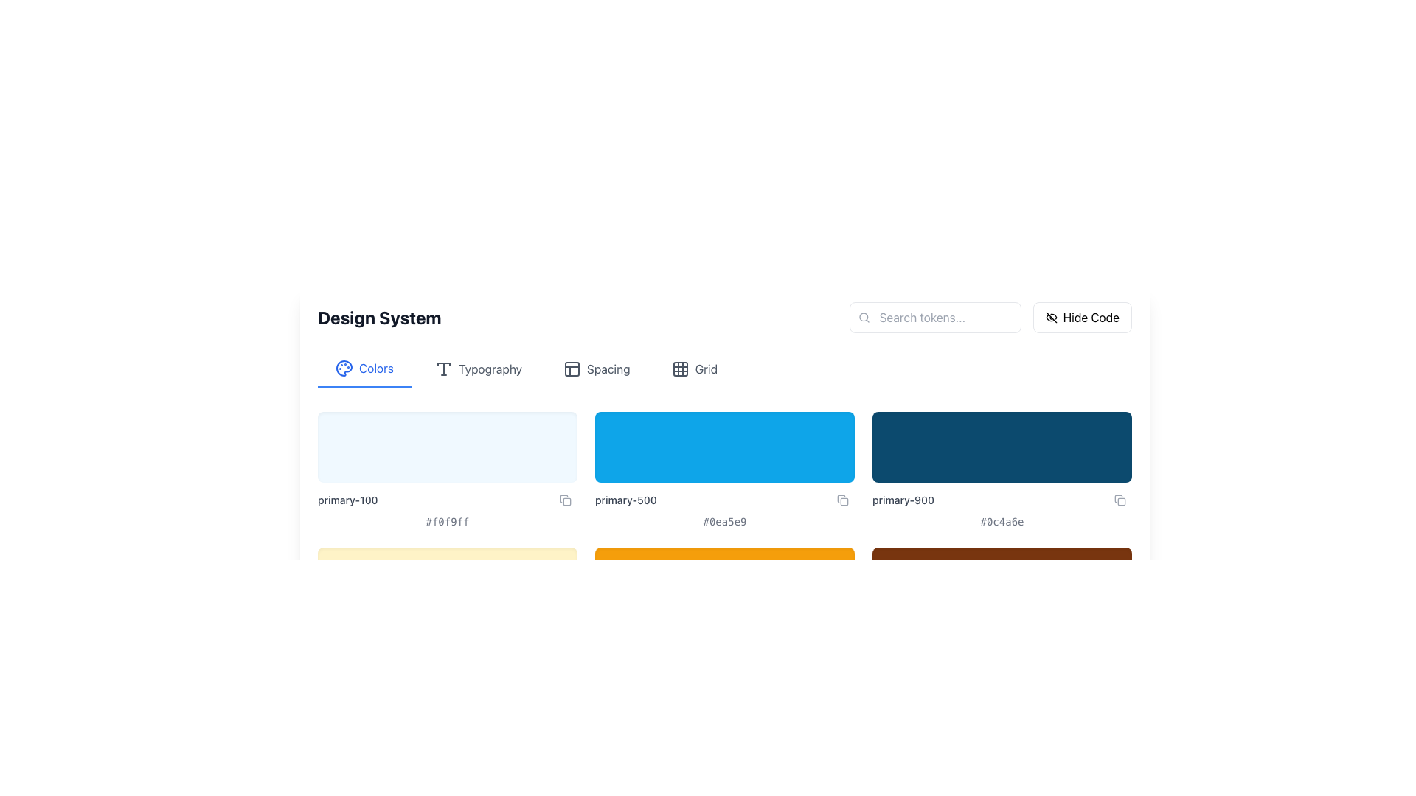  Describe the element at coordinates (572, 369) in the screenshot. I see `the 24x24 pixel icon representing the 'Spacing' category in the navigation bar` at that location.